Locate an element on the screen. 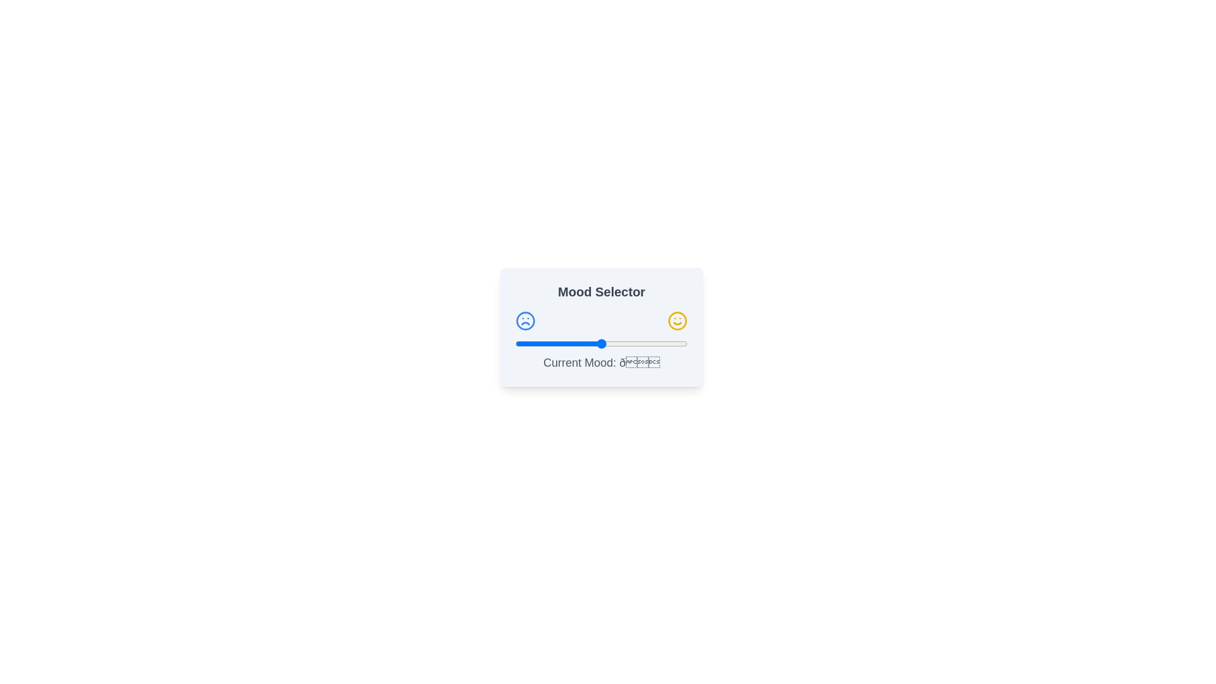  the slider to set the mood value to 29 is located at coordinates (564, 344).